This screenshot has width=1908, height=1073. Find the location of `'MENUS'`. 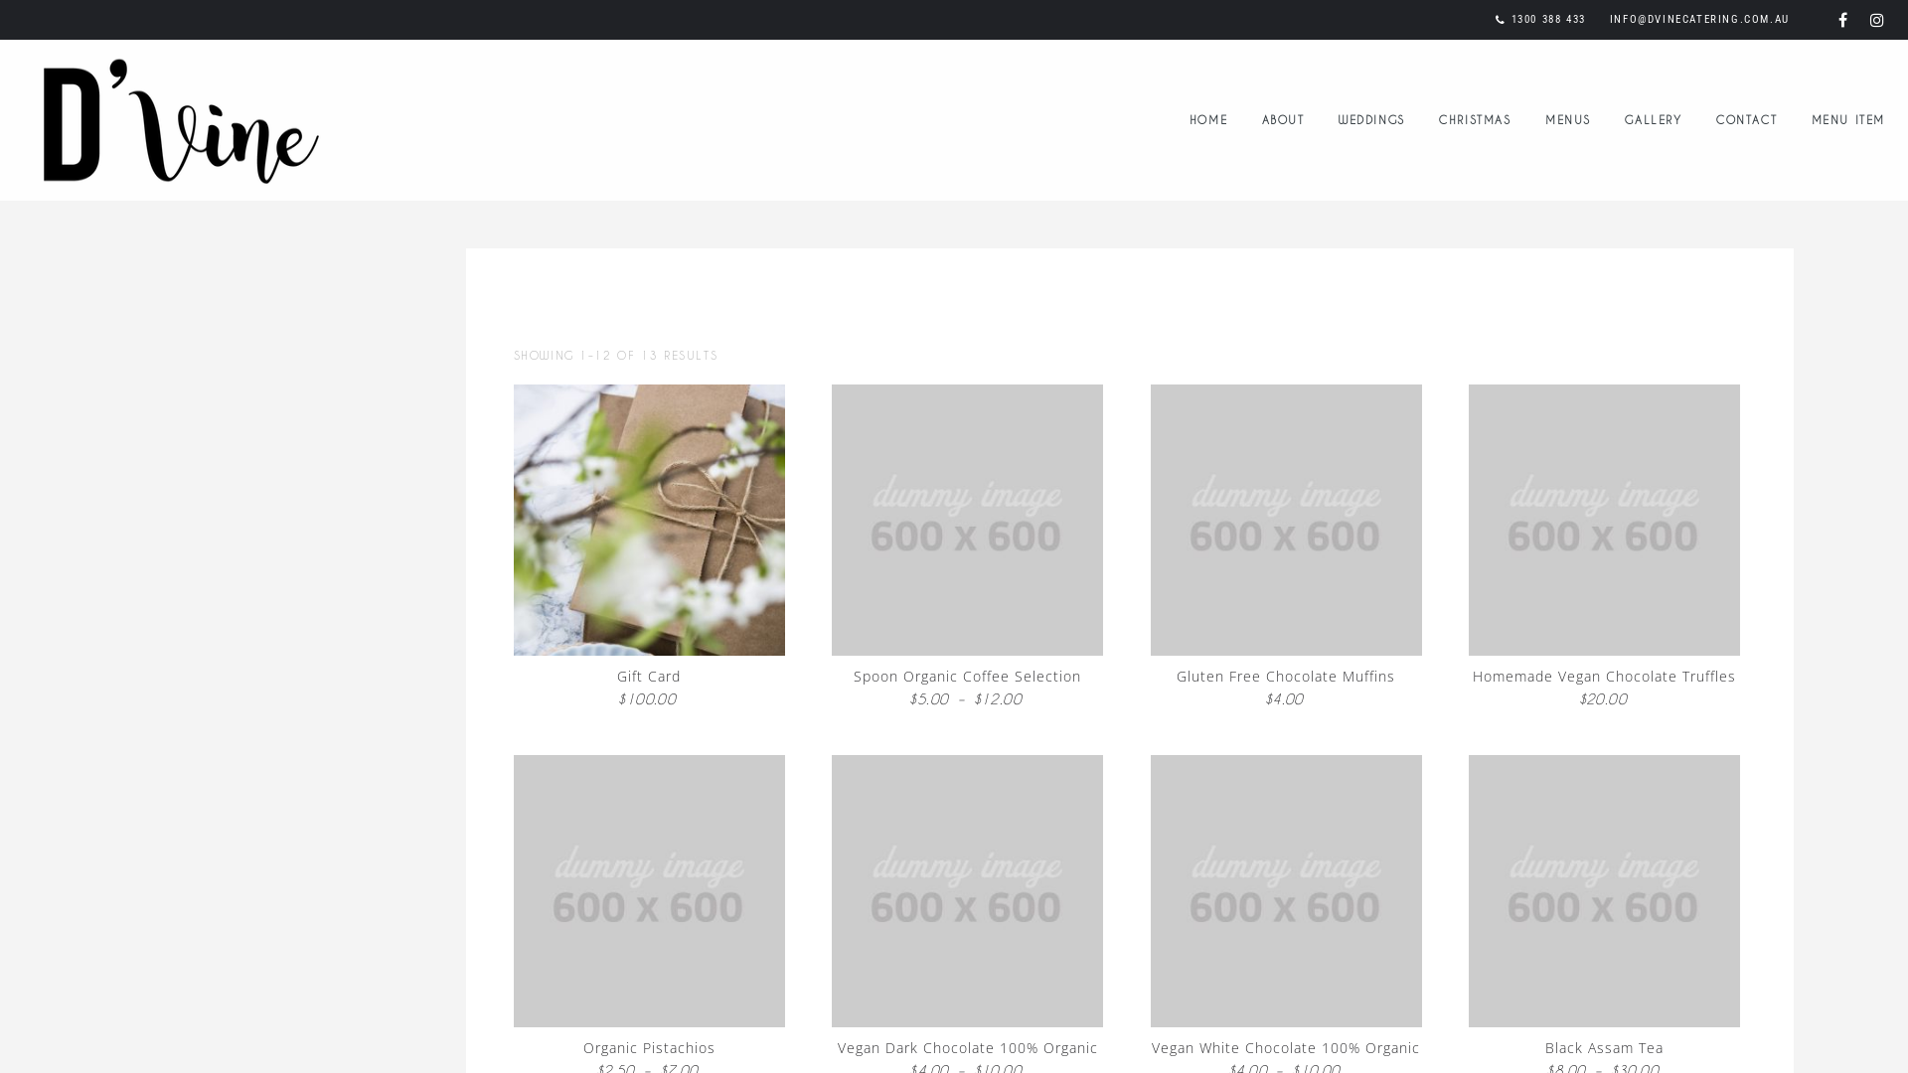

'MENUS' is located at coordinates (1567, 118).